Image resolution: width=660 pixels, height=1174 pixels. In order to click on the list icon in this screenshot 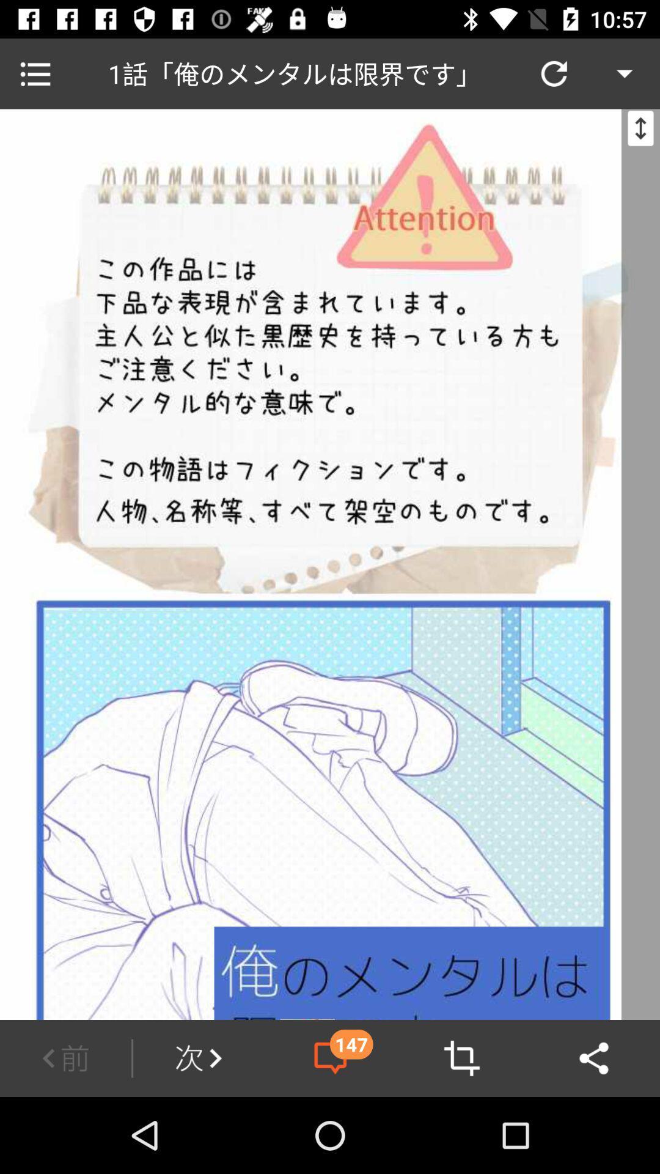, I will do `click(34, 73)`.